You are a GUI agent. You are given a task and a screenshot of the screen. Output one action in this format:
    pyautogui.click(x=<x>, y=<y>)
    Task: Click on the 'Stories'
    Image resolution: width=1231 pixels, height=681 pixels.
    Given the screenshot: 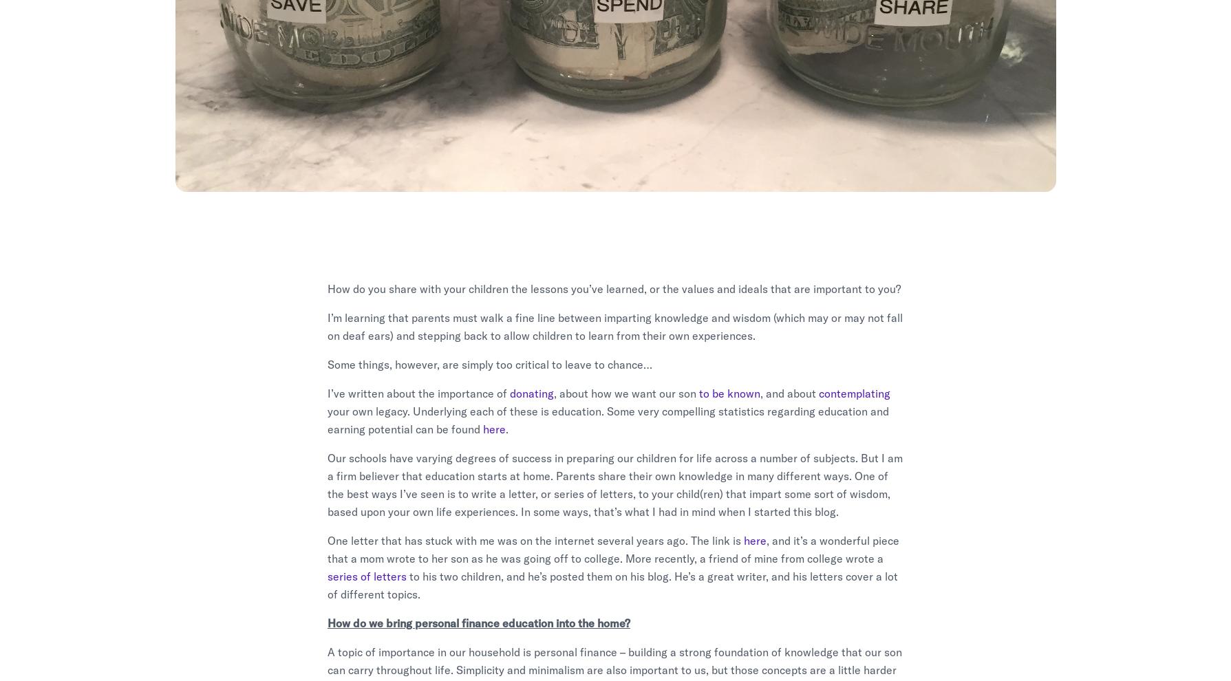 What is the action you would take?
    pyautogui.click(x=630, y=496)
    